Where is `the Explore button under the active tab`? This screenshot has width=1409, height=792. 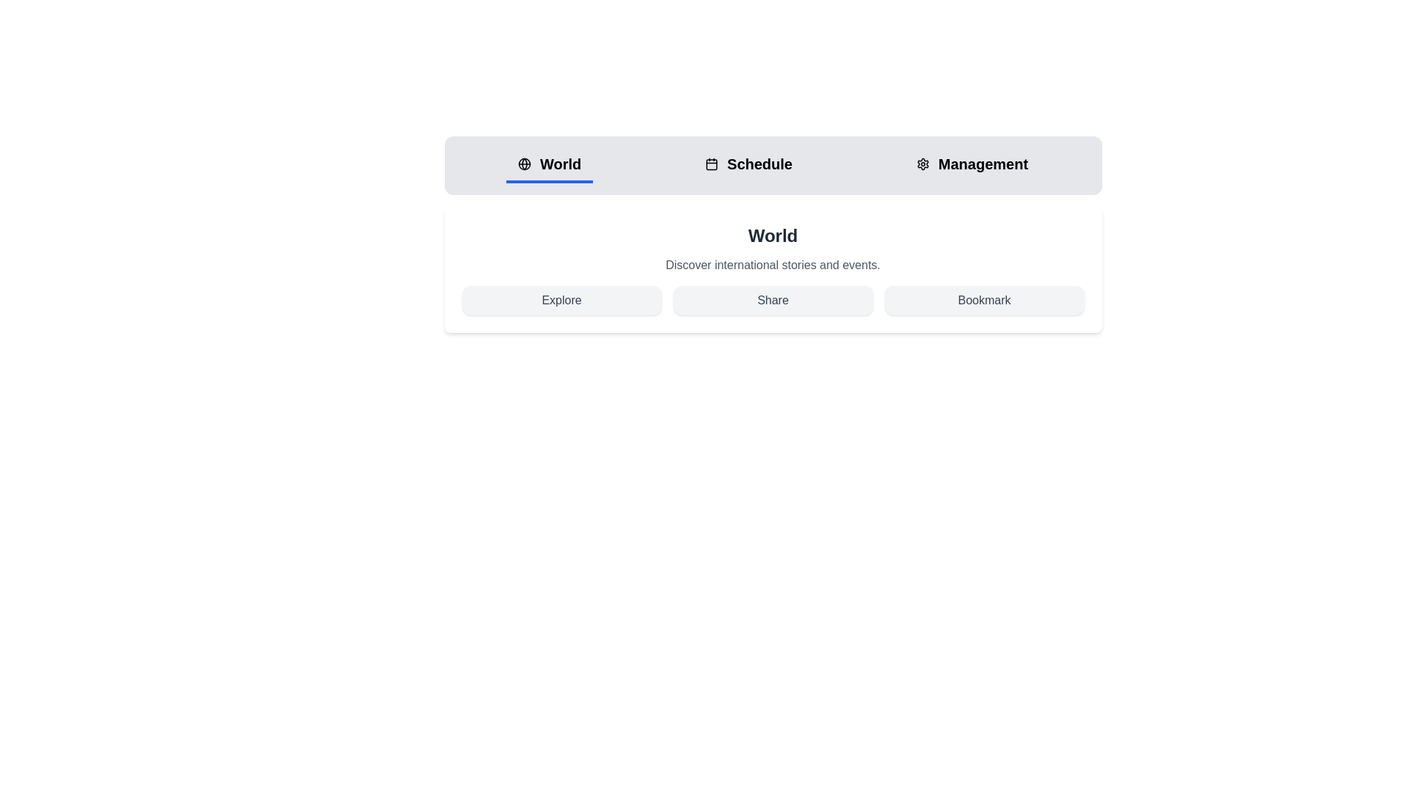
the Explore button under the active tab is located at coordinates (561, 299).